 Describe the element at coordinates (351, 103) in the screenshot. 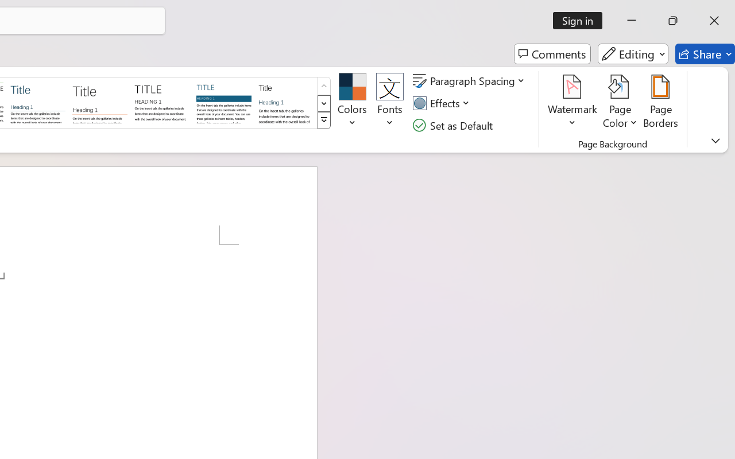

I see `'Colors'` at that location.